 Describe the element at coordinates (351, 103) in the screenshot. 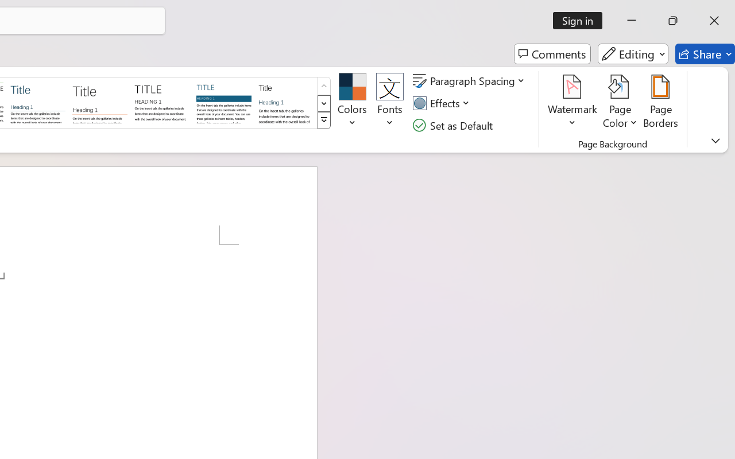

I see `'Colors'` at that location.